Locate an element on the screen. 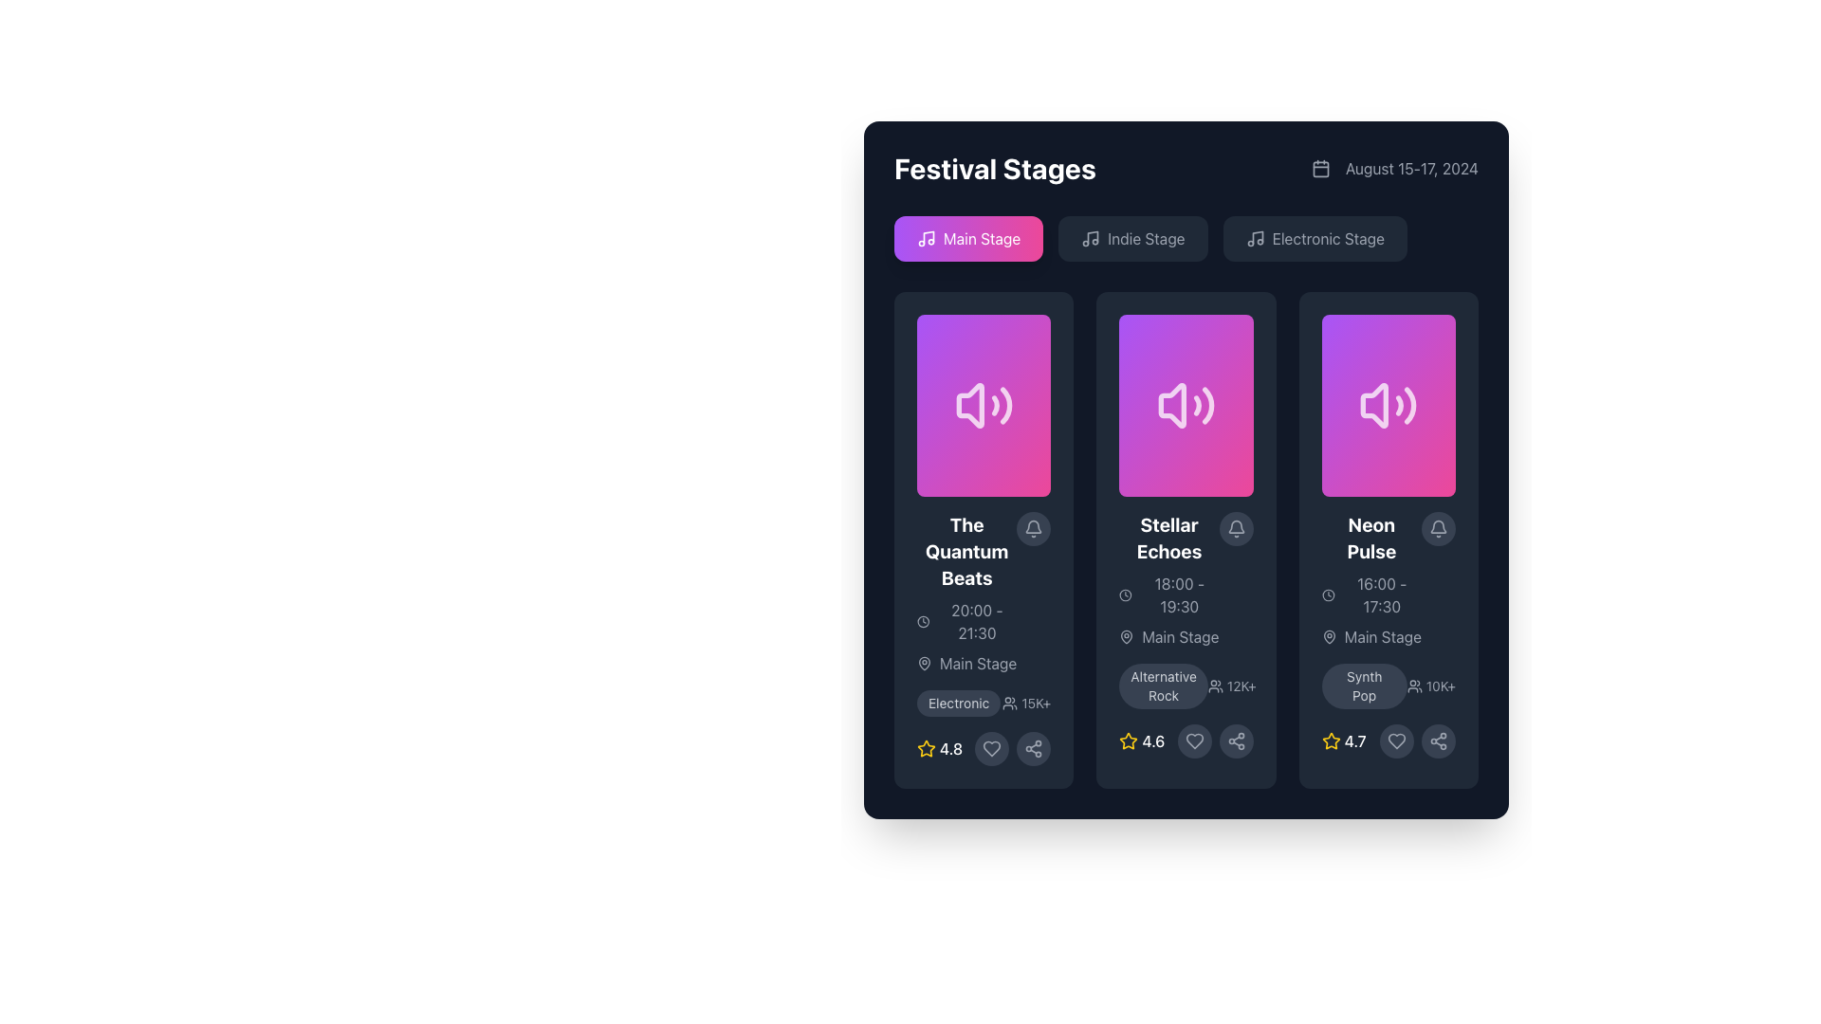 This screenshot has width=1821, height=1024. the sound or volume icon located centrally within 'The Quantum Beats' card, which is the leftmost card in a group of three cards is located at coordinates (984, 405).